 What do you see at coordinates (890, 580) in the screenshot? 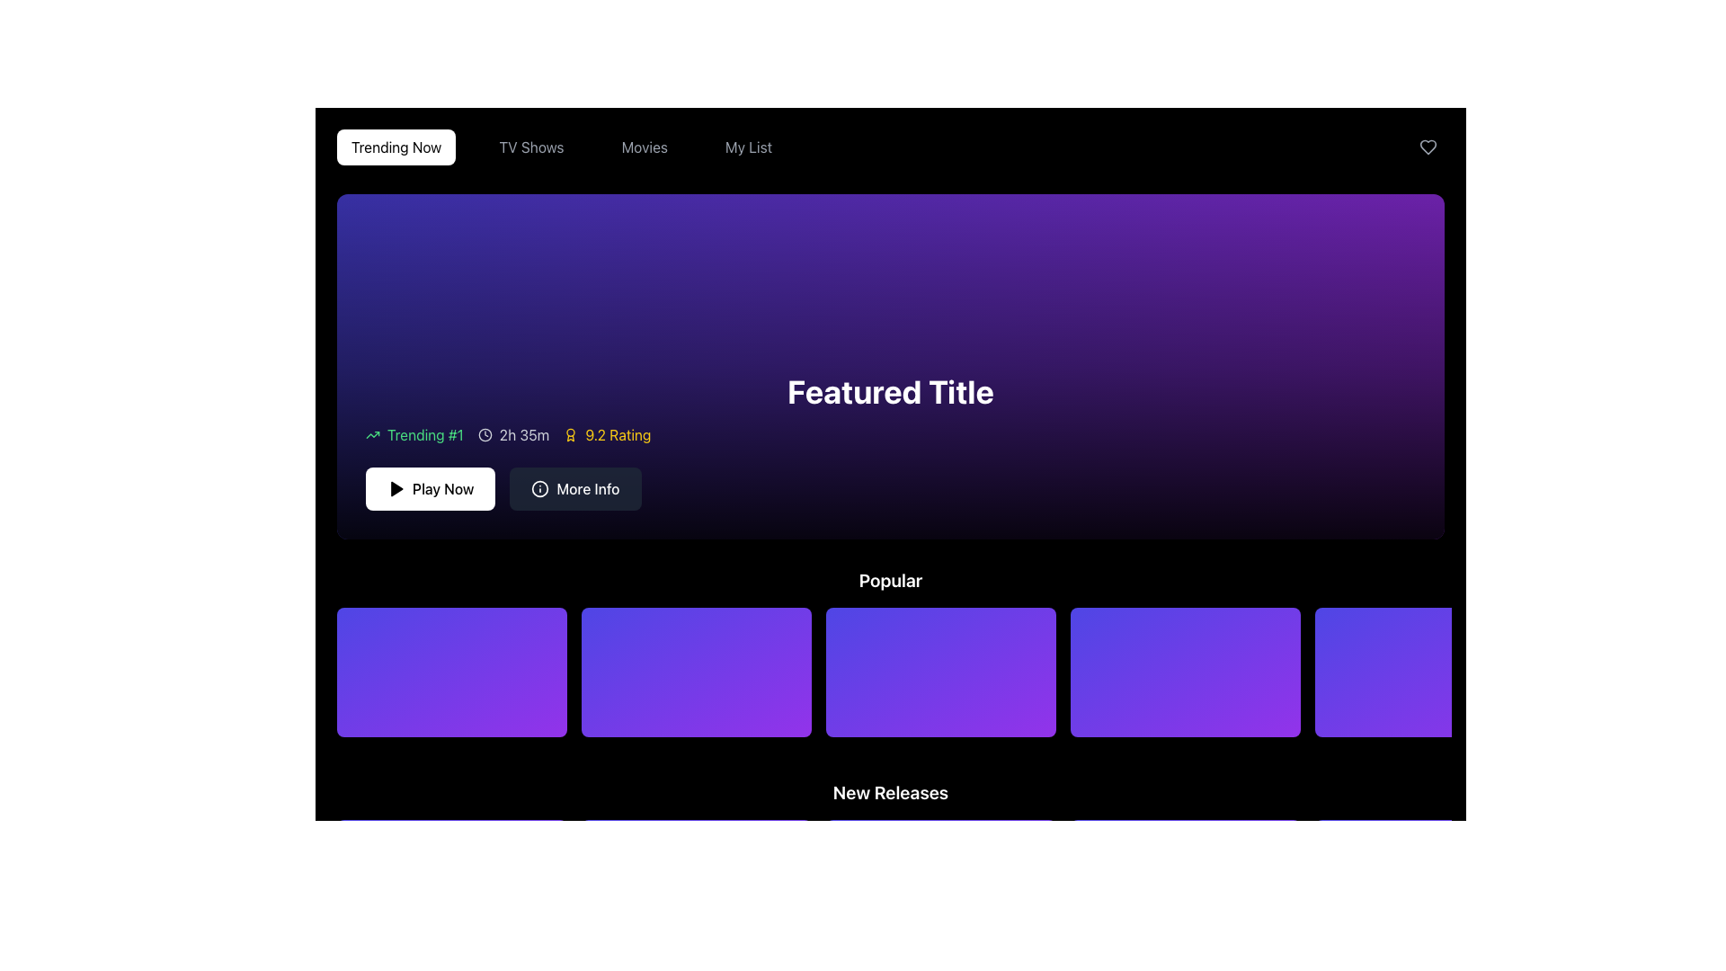
I see `the text label displaying 'Popular', which is prominently styled in bold font against a dark background` at bounding box center [890, 580].